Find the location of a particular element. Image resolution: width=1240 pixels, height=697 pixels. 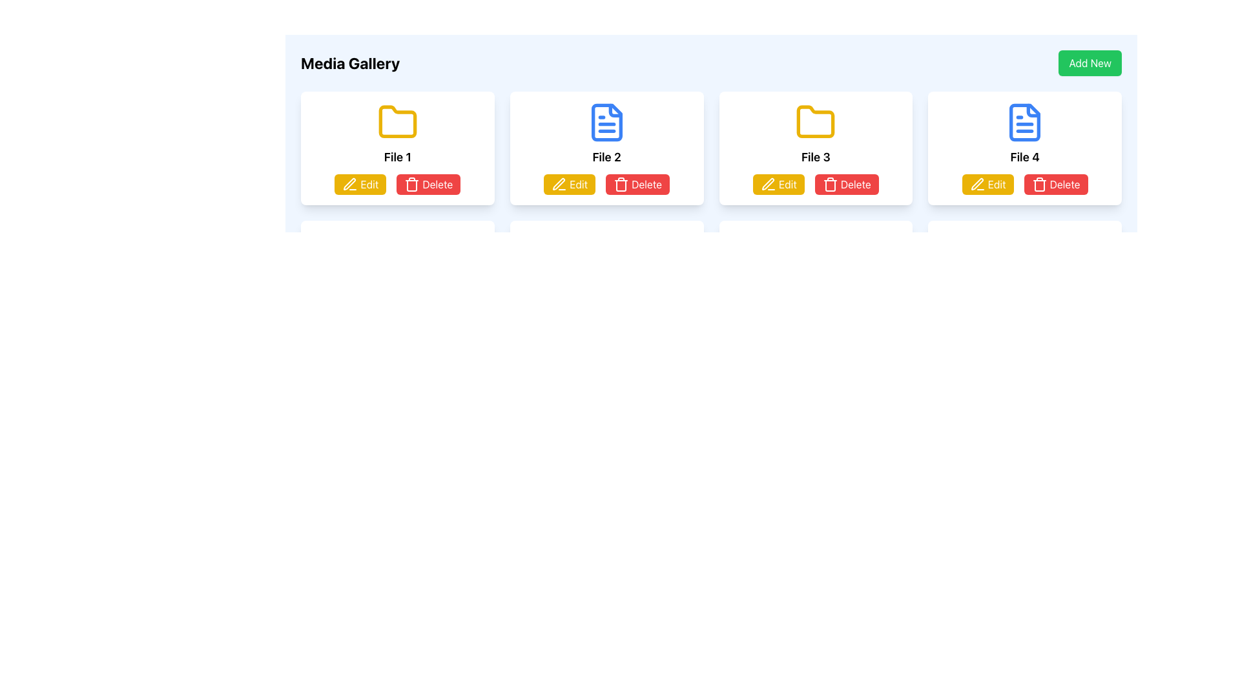

the trash bin icon in the 'Delete' button located in the fourth media card is located at coordinates (1039, 184).